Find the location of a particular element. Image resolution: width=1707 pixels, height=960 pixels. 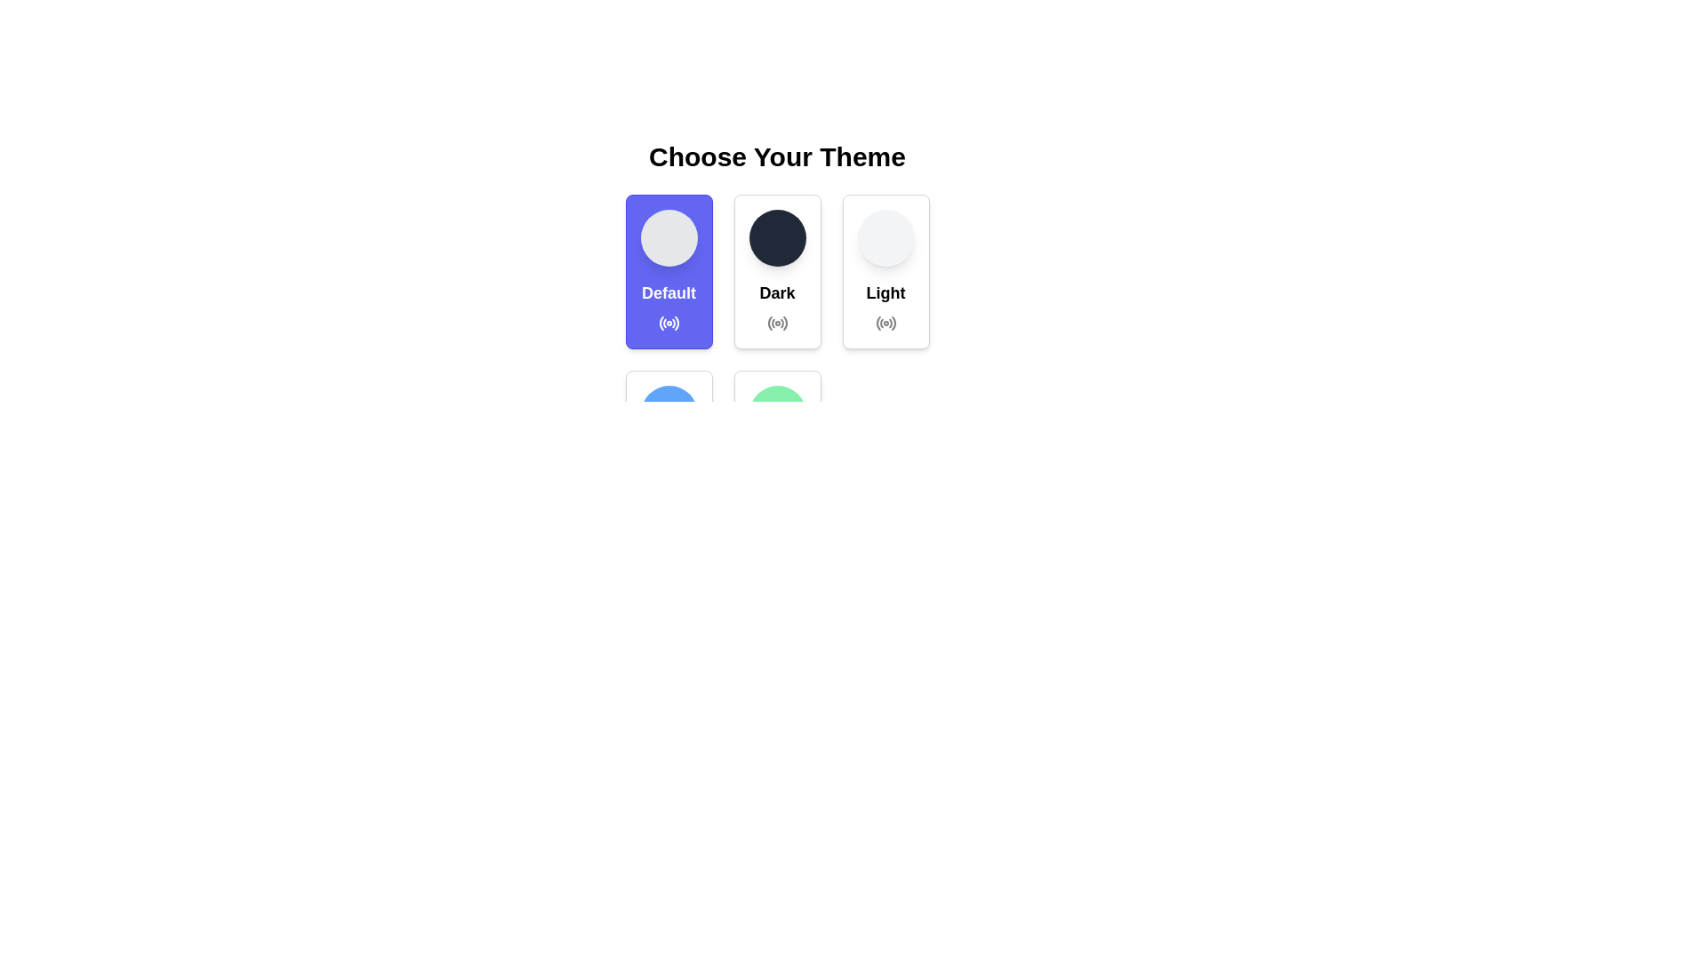

the graphical icon resembling radio waves centered around a dot, which is located at the bottom section of the 'Default' card under the 'Choose Your Theme' heading is located at coordinates (668, 323).